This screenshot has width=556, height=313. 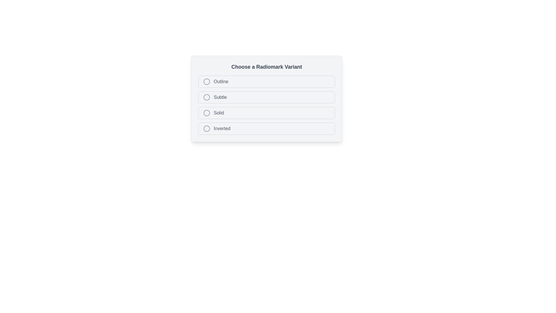 I want to click on the Radio Button element, which is a circular icon with a hollow center located to the left of the 'Inverted' label, positioned at the bottommost option of a vertical list within a card, so click(x=207, y=128).